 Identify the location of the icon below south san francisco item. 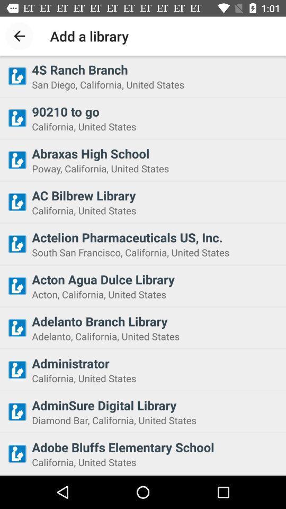
(155, 279).